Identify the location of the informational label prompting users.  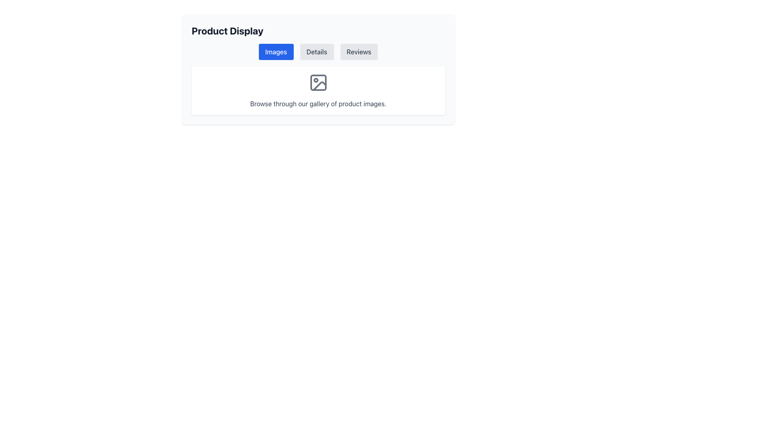
(318, 90).